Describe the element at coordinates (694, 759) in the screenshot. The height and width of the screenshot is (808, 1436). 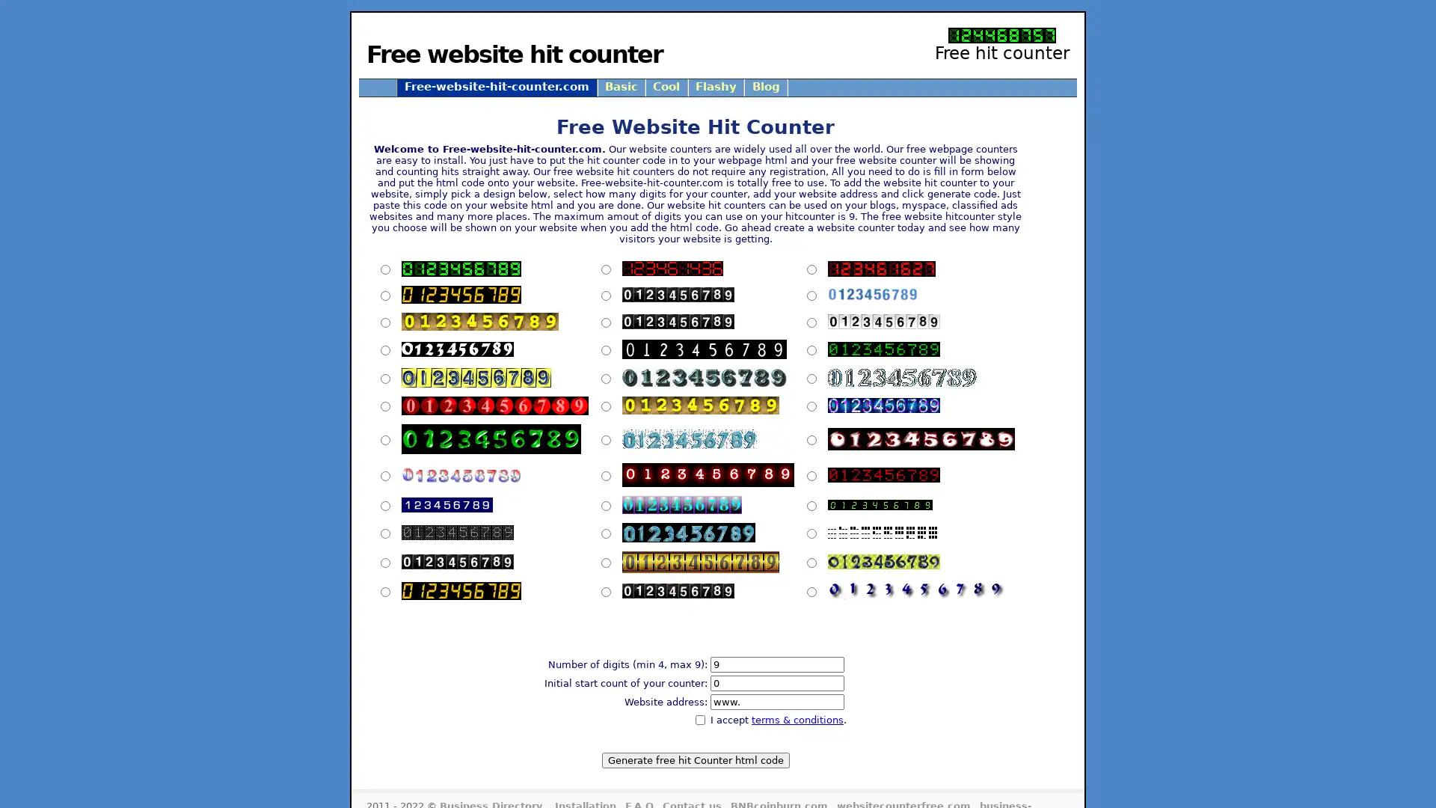
I see `Generate free hit Counter html code` at that location.